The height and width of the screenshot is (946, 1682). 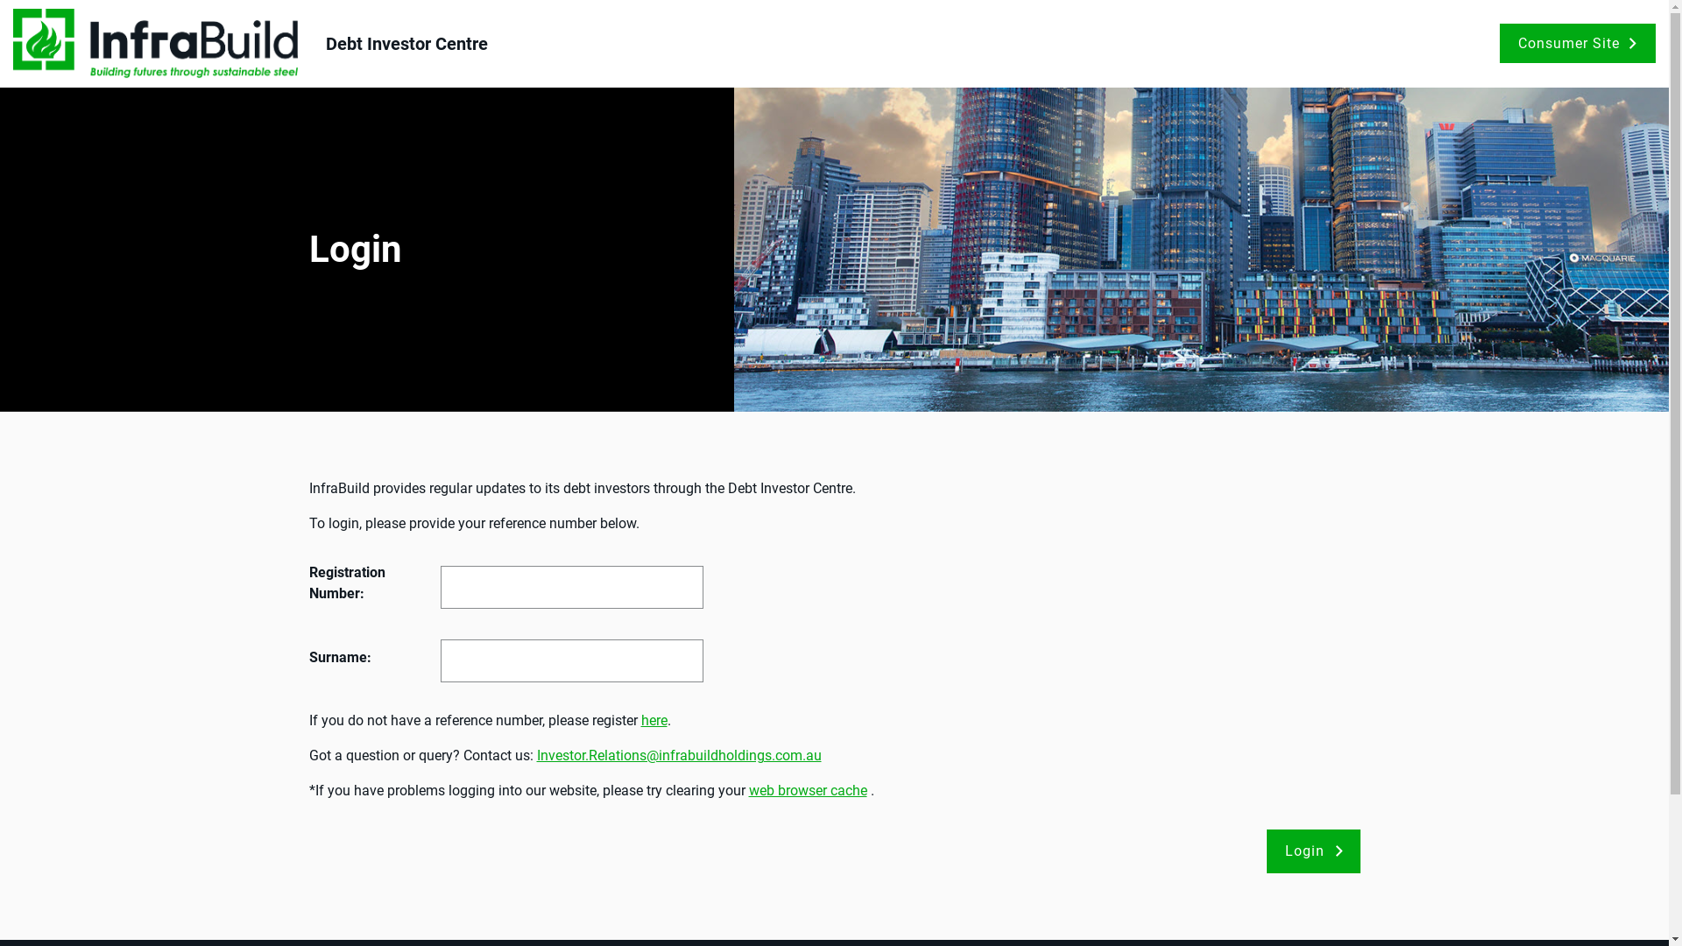 I want to click on 'here', so click(x=654, y=720).